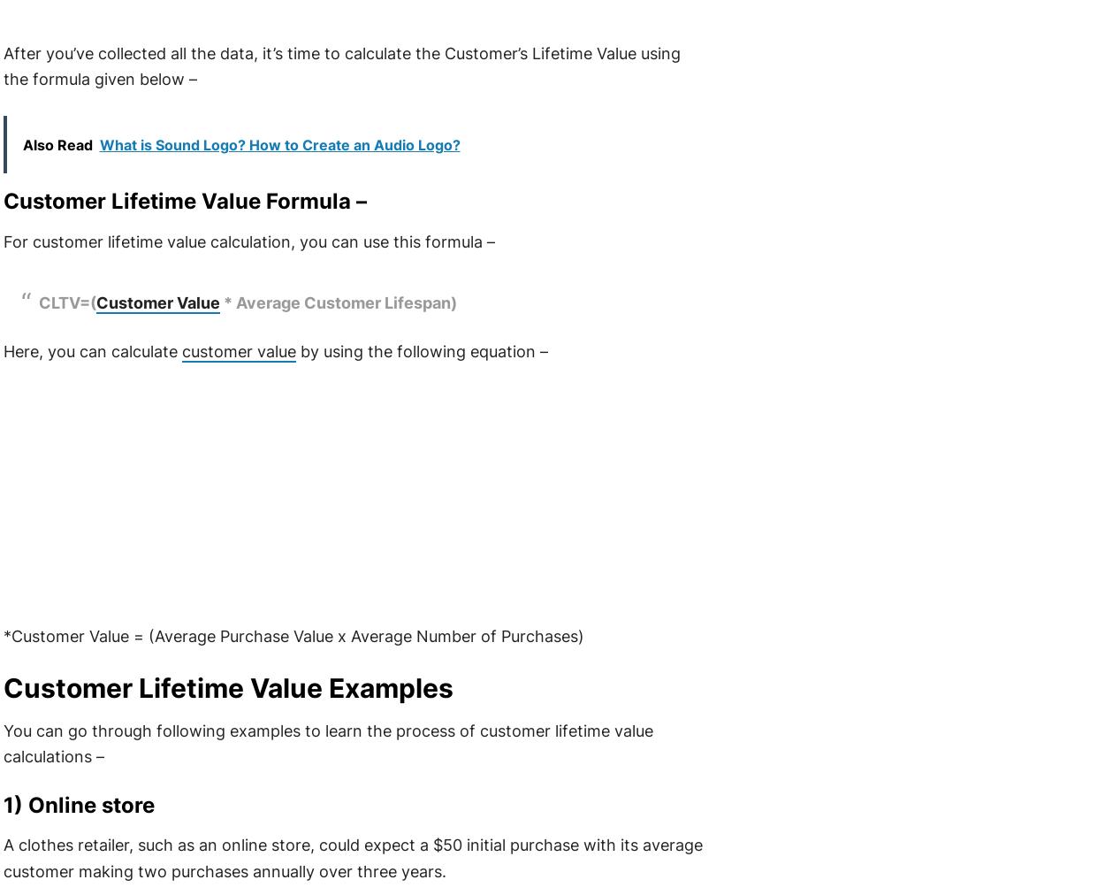 This screenshot has height=895, width=1105. What do you see at coordinates (2, 804) in the screenshot?
I see `'1) Online store'` at bounding box center [2, 804].